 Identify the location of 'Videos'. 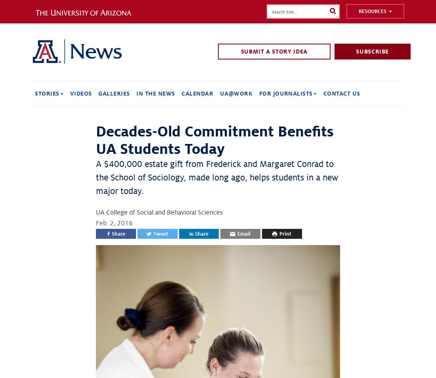
(80, 93).